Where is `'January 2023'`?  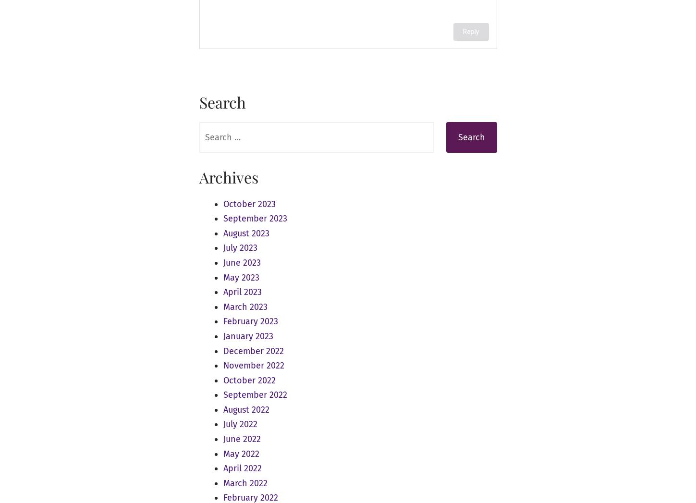
'January 2023' is located at coordinates (247, 335).